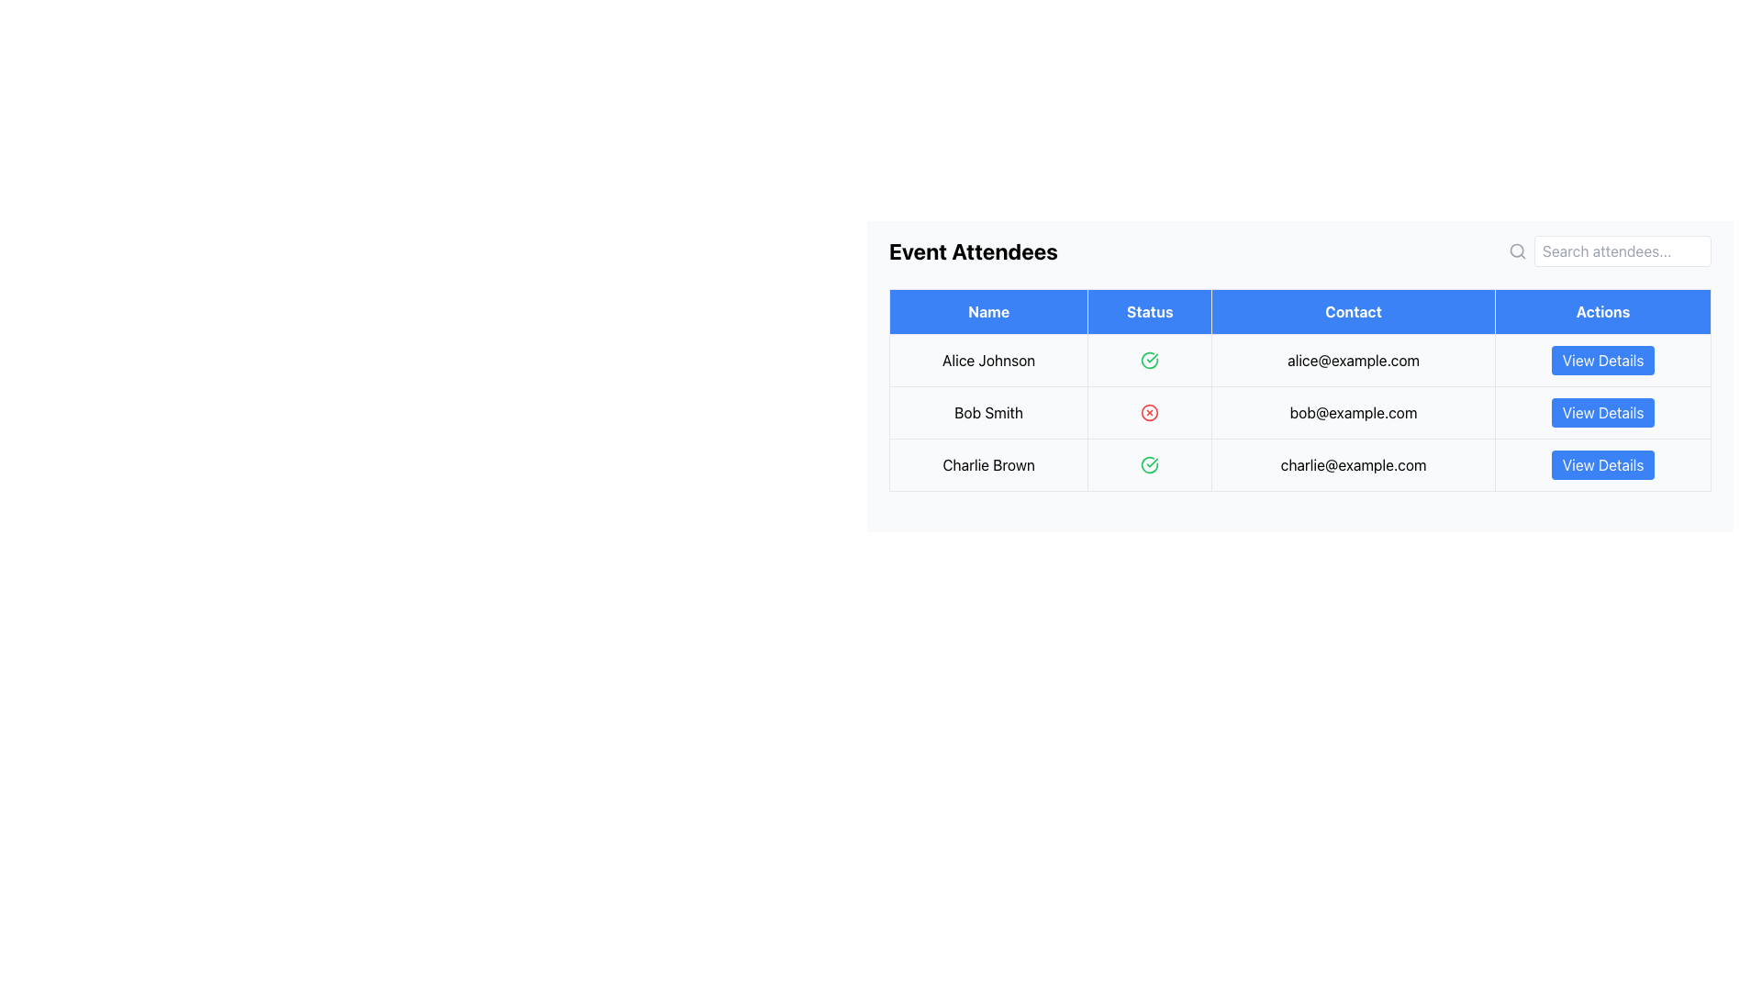 The width and height of the screenshot is (1762, 991). Describe the element at coordinates (1149, 361) in the screenshot. I see `the appearance of the inner circular graphic component of the first status icon in the 'Status' column of the first row of the table` at that location.